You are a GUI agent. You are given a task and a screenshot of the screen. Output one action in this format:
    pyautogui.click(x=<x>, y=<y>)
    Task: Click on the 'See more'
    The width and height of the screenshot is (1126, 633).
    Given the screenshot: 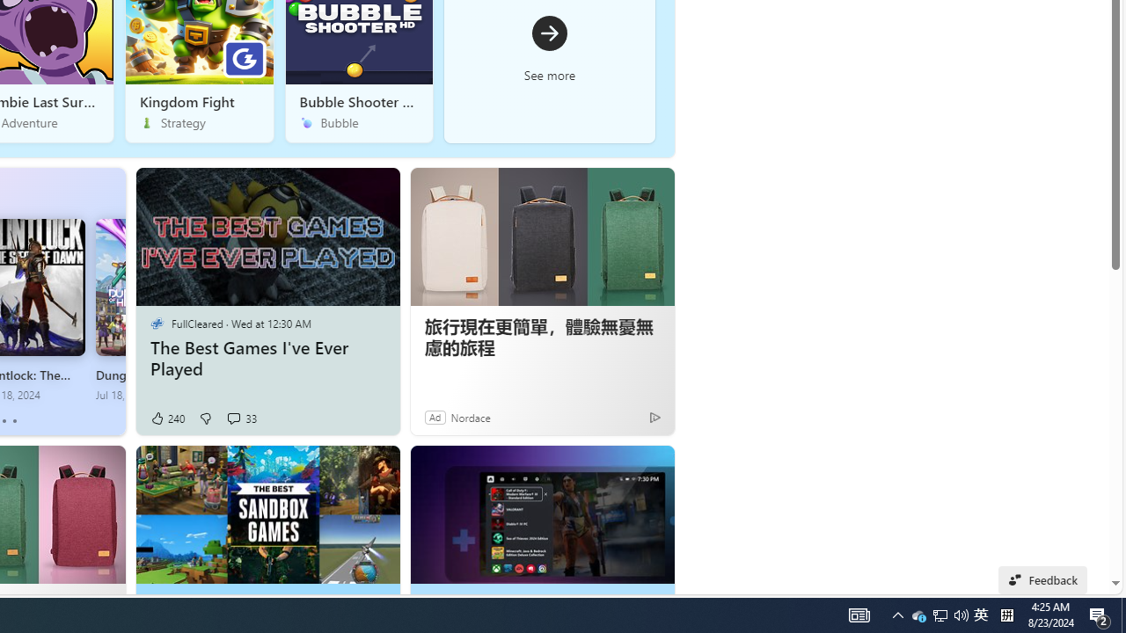 What is the action you would take?
    pyautogui.click(x=549, y=47)
    